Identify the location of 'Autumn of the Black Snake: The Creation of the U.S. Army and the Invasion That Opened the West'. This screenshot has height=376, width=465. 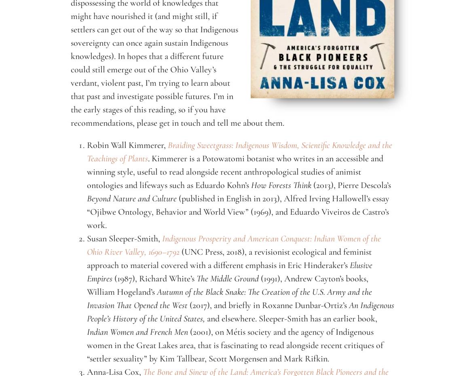
(229, 298).